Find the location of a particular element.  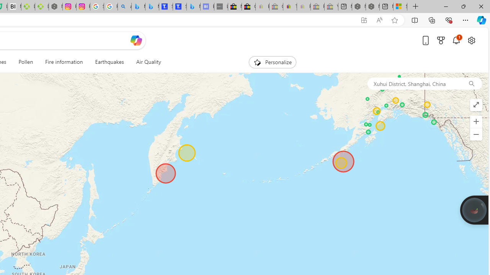

'alabama high school quarterback dies - Search' is located at coordinates (124, 6).